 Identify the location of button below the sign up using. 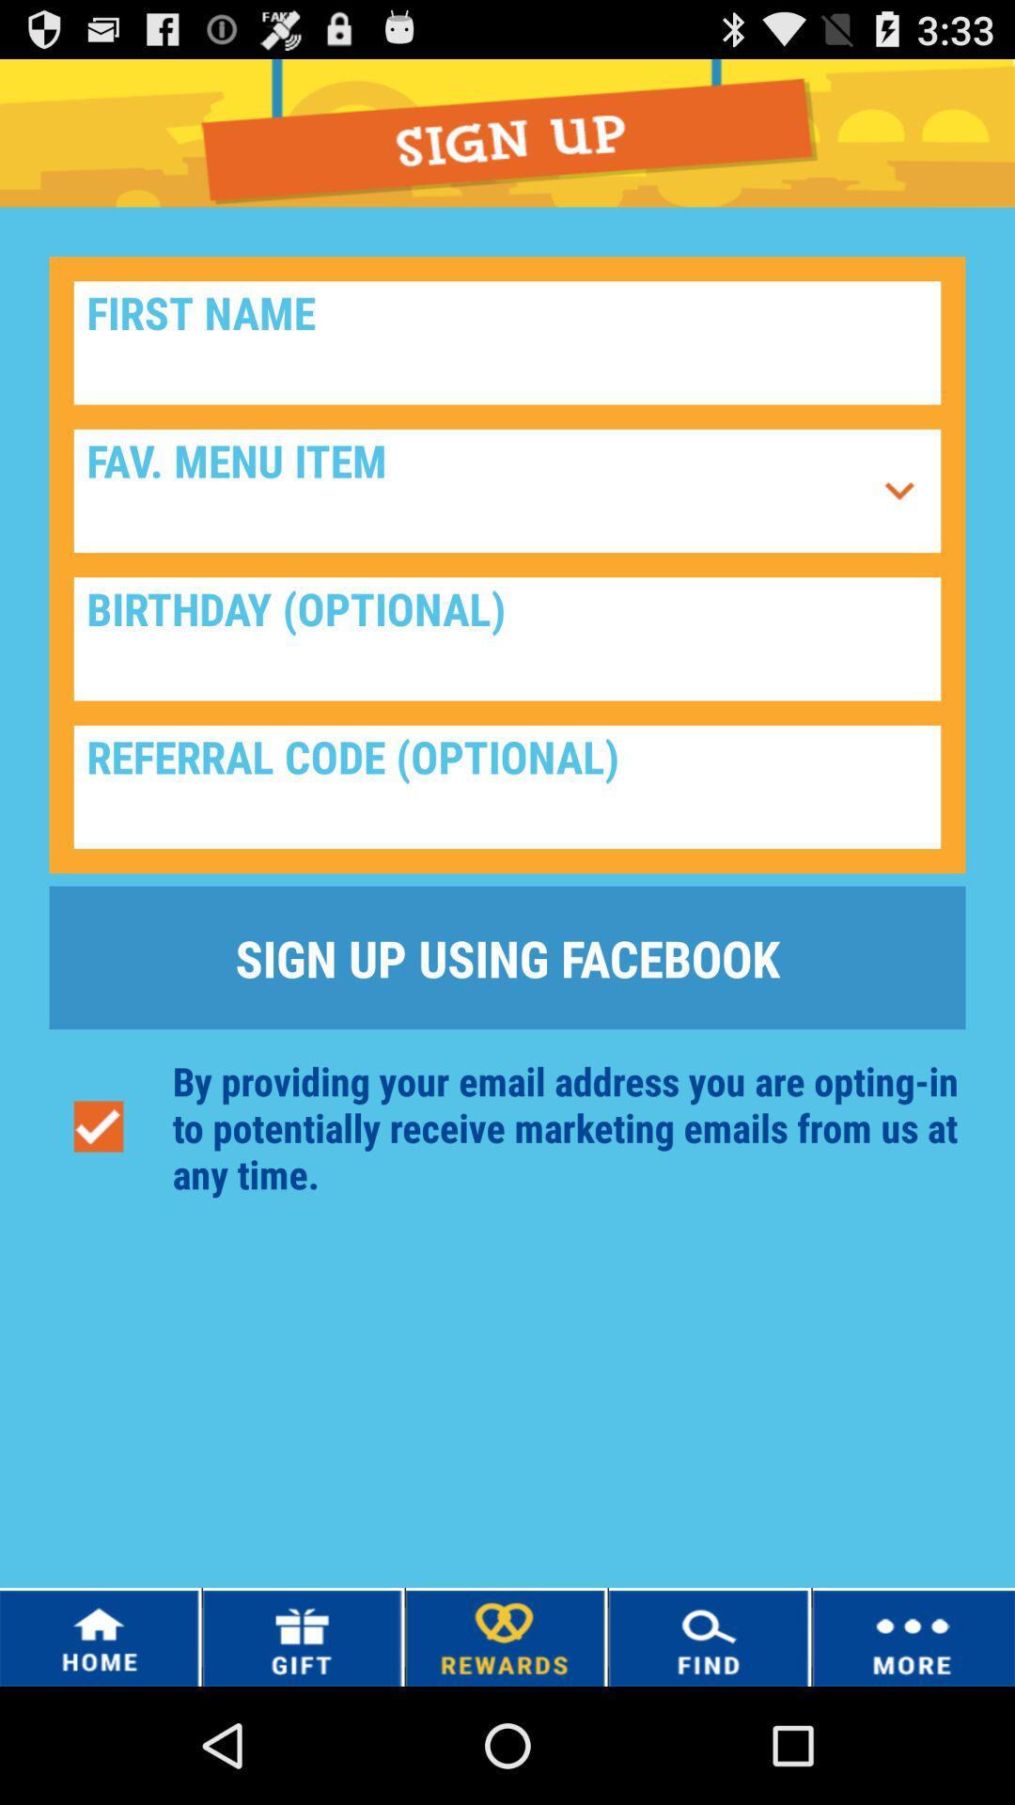
(98, 1127).